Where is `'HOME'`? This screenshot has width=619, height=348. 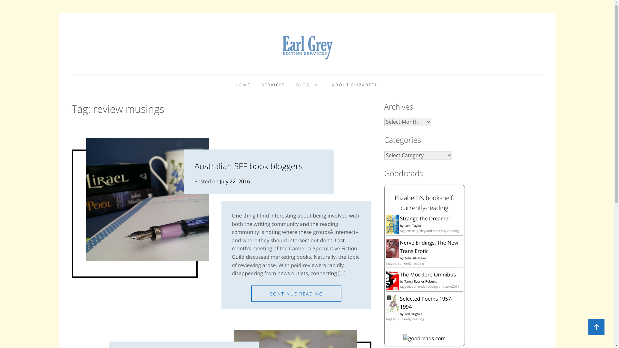 'HOME' is located at coordinates (242, 84).